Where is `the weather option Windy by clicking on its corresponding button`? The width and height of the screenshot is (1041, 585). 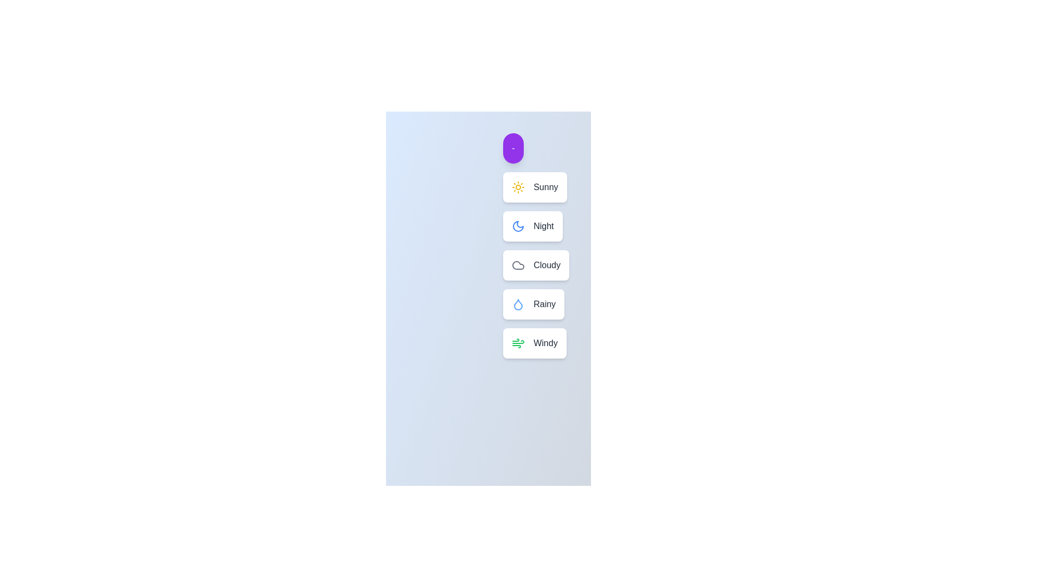 the weather option Windy by clicking on its corresponding button is located at coordinates (535, 343).